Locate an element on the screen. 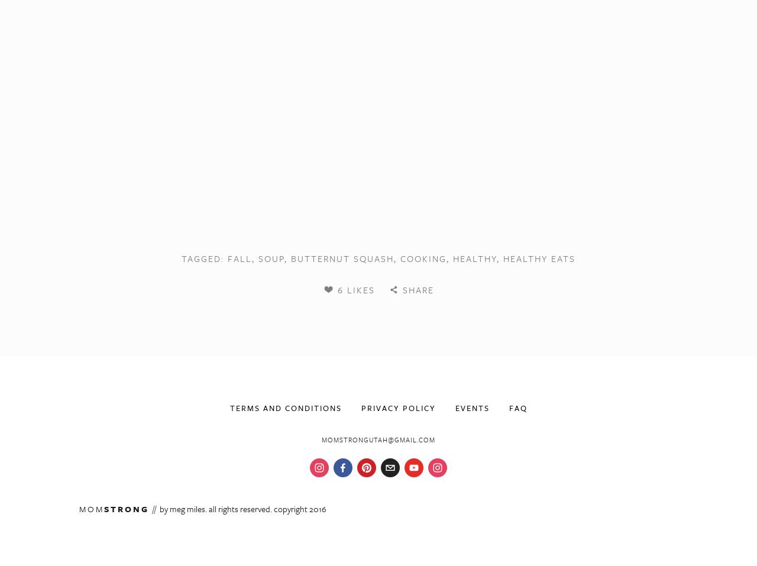 This screenshot has height=566, width=757. 'Privacy Policy' is located at coordinates (398, 407).